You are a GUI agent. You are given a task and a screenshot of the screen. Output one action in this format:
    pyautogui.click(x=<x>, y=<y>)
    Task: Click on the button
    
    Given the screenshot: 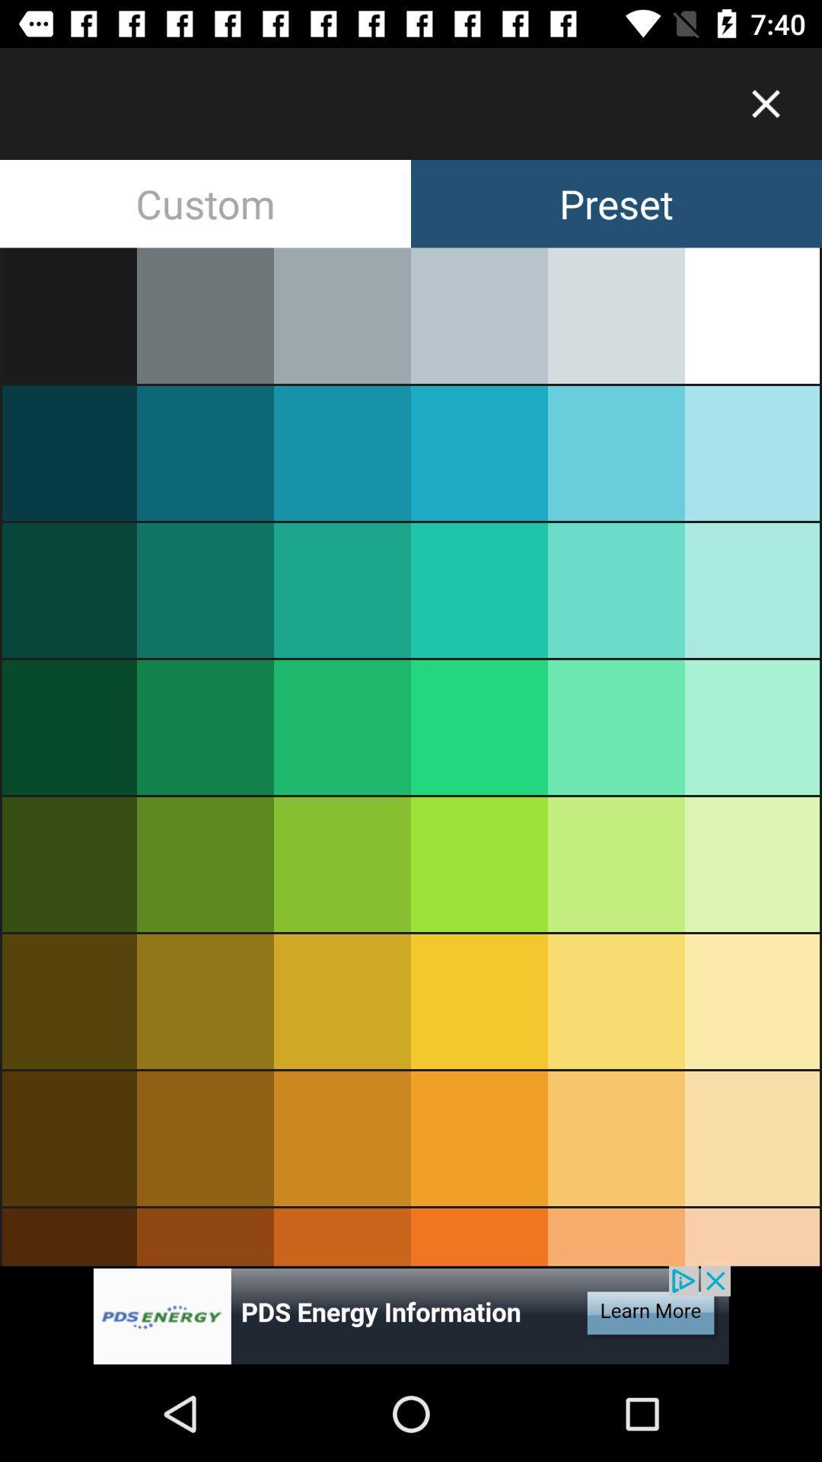 What is the action you would take?
    pyautogui.click(x=766, y=103)
    